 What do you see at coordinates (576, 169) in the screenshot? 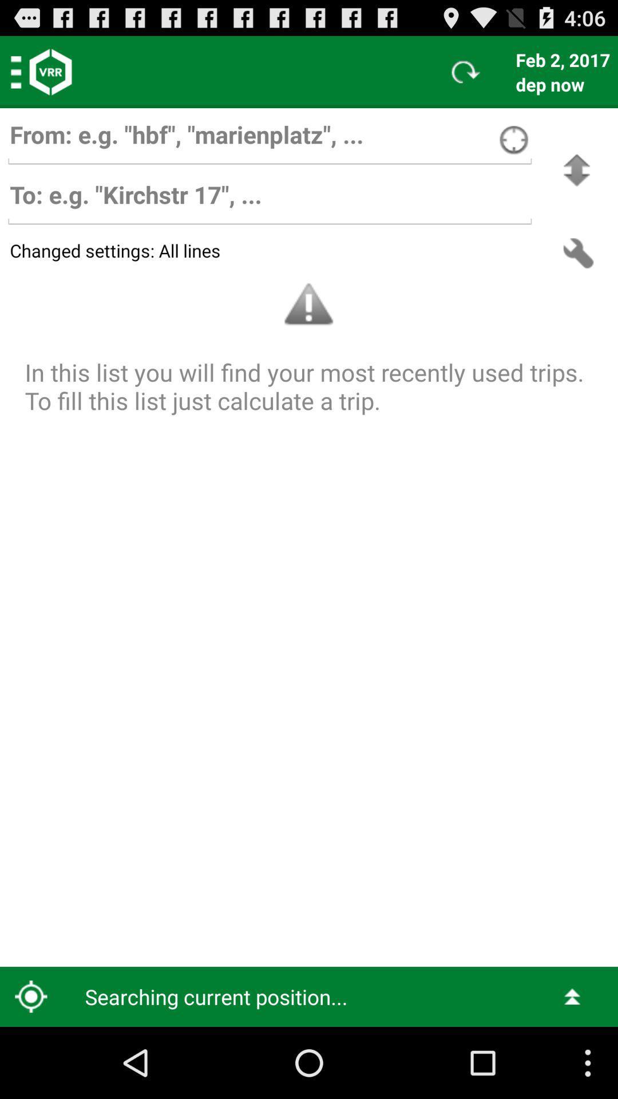
I see `the item below dep now item` at bounding box center [576, 169].